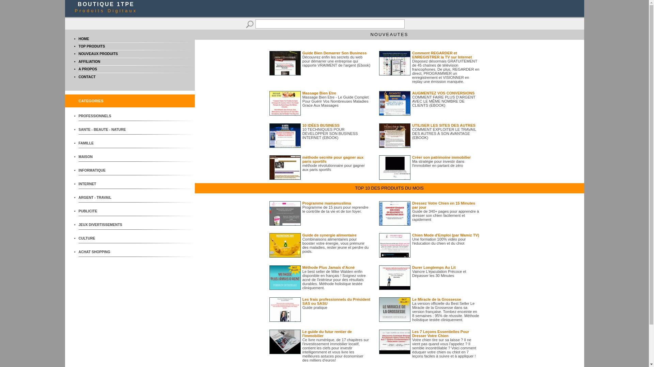  What do you see at coordinates (104, 170) in the screenshot?
I see `'INFORMATIQUE'` at bounding box center [104, 170].